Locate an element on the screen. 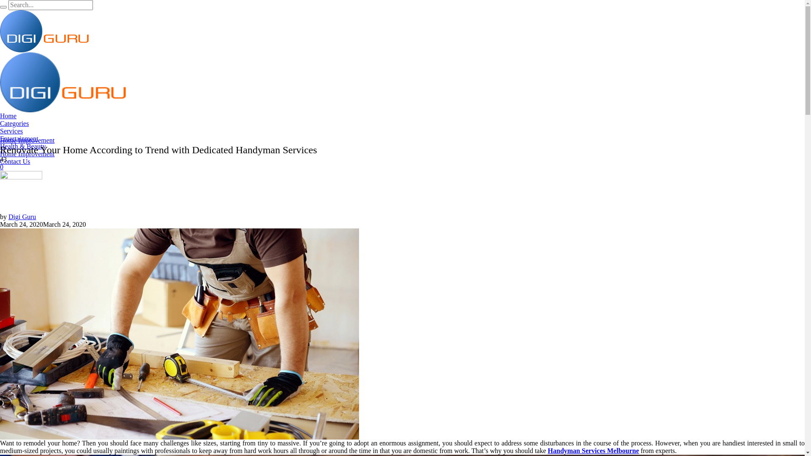  'Contact Us' is located at coordinates (0, 161).